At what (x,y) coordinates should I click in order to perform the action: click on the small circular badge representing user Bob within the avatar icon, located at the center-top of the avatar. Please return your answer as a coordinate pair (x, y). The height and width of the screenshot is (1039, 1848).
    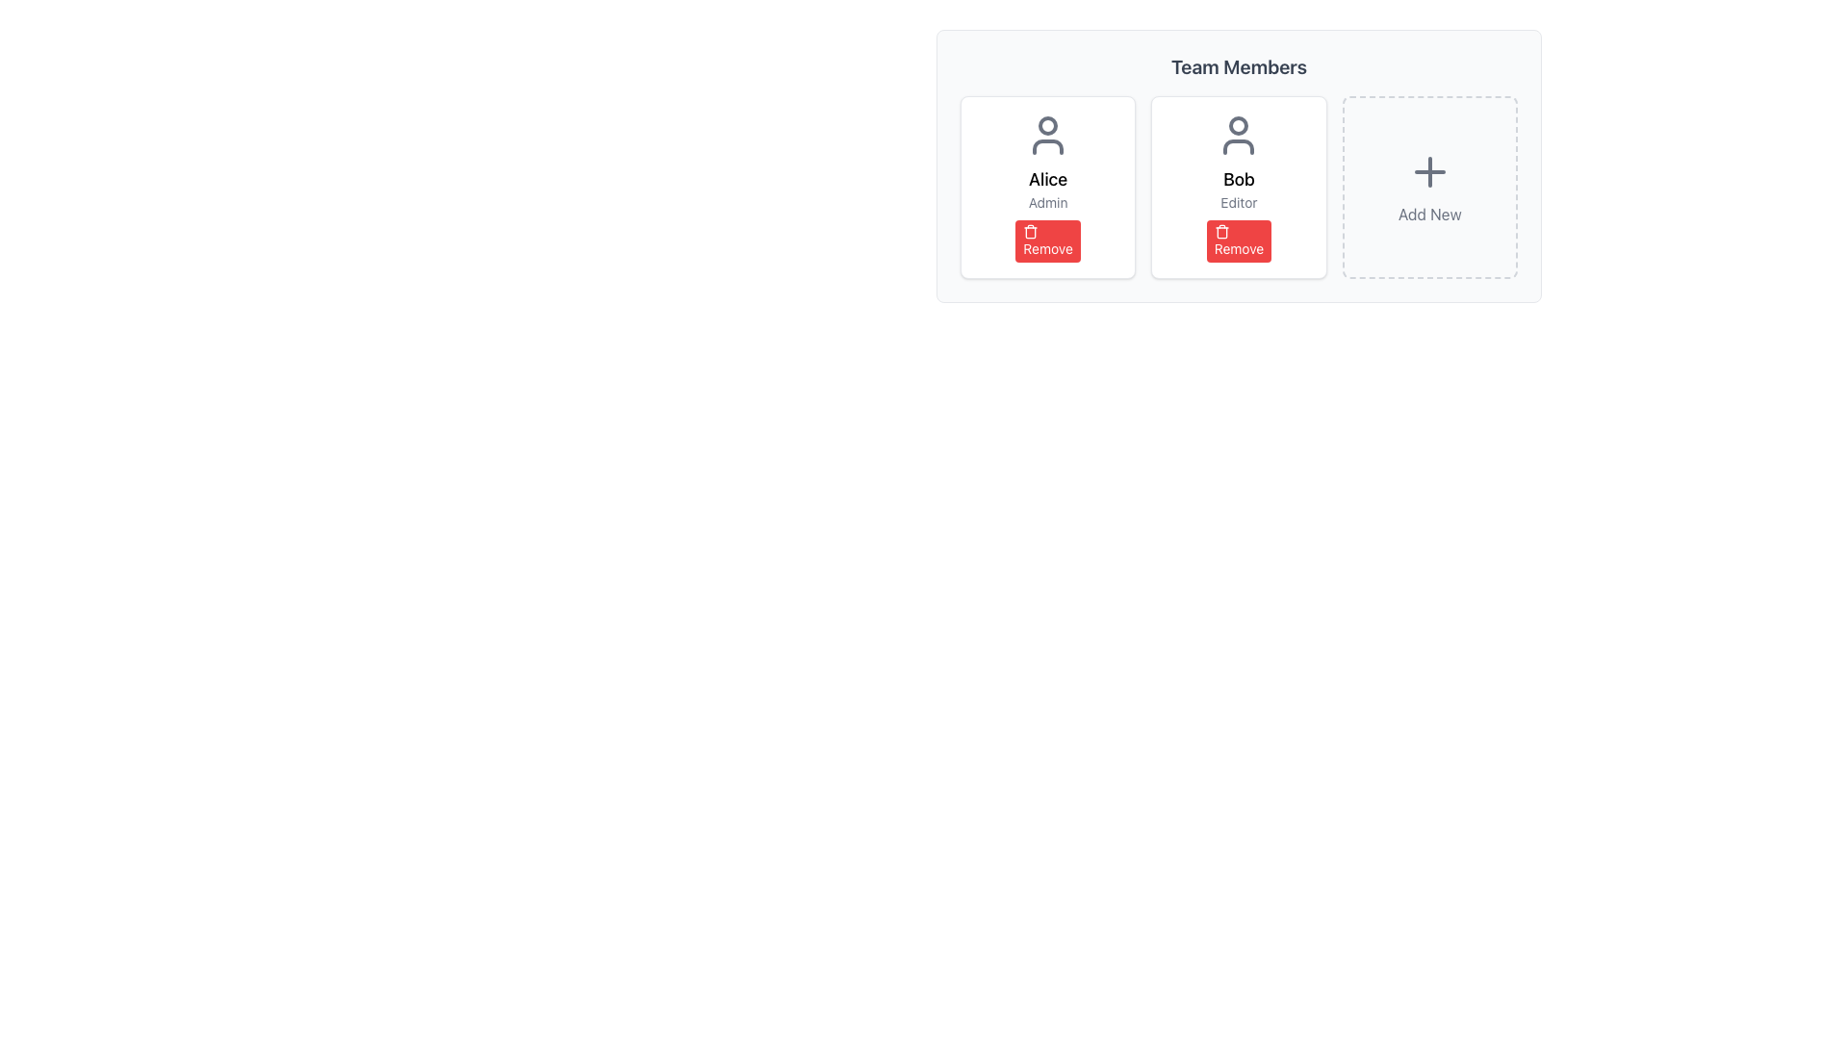
    Looking at the image, I should click on (1239, 126).